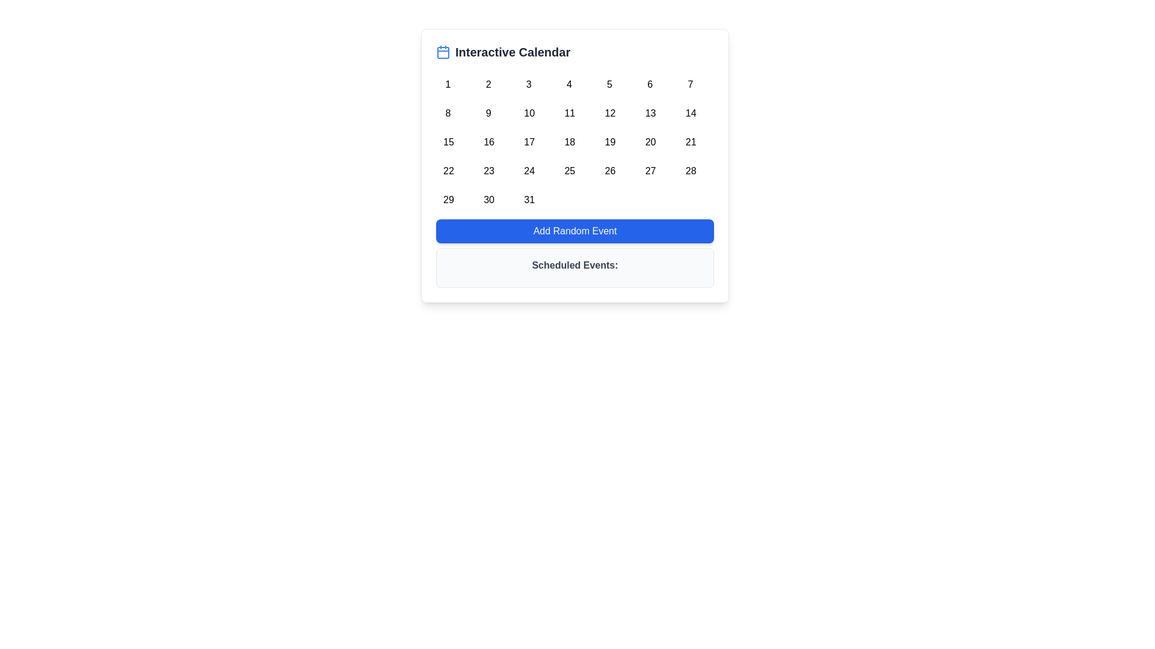 This screenshot has width=1155, height=649. What do you see at coordinates (690, 82) in the screenshot?
I see `the button representing the 7th day of the month in the calendar view` at bounding box center [690, 82].